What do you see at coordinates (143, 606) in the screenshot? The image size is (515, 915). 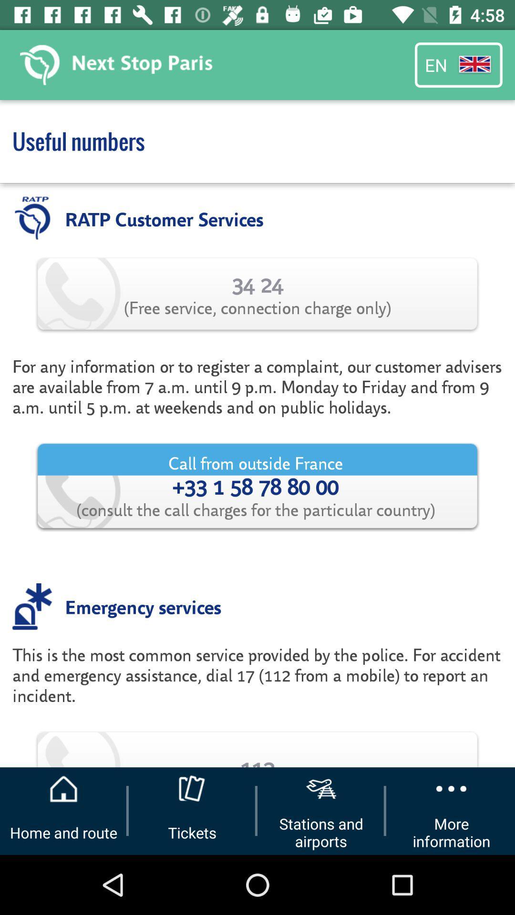 I see `the emergency services` at bounding box center [143, 606].